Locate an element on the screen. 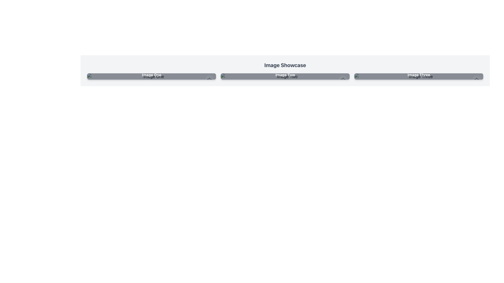 The image size is (504, 283). the first Image card display, which features a placeholder image on the left, the text 'Image One' in bold white font at the bottom, and a small star icon at the top right is located at coordinates (151, 77).